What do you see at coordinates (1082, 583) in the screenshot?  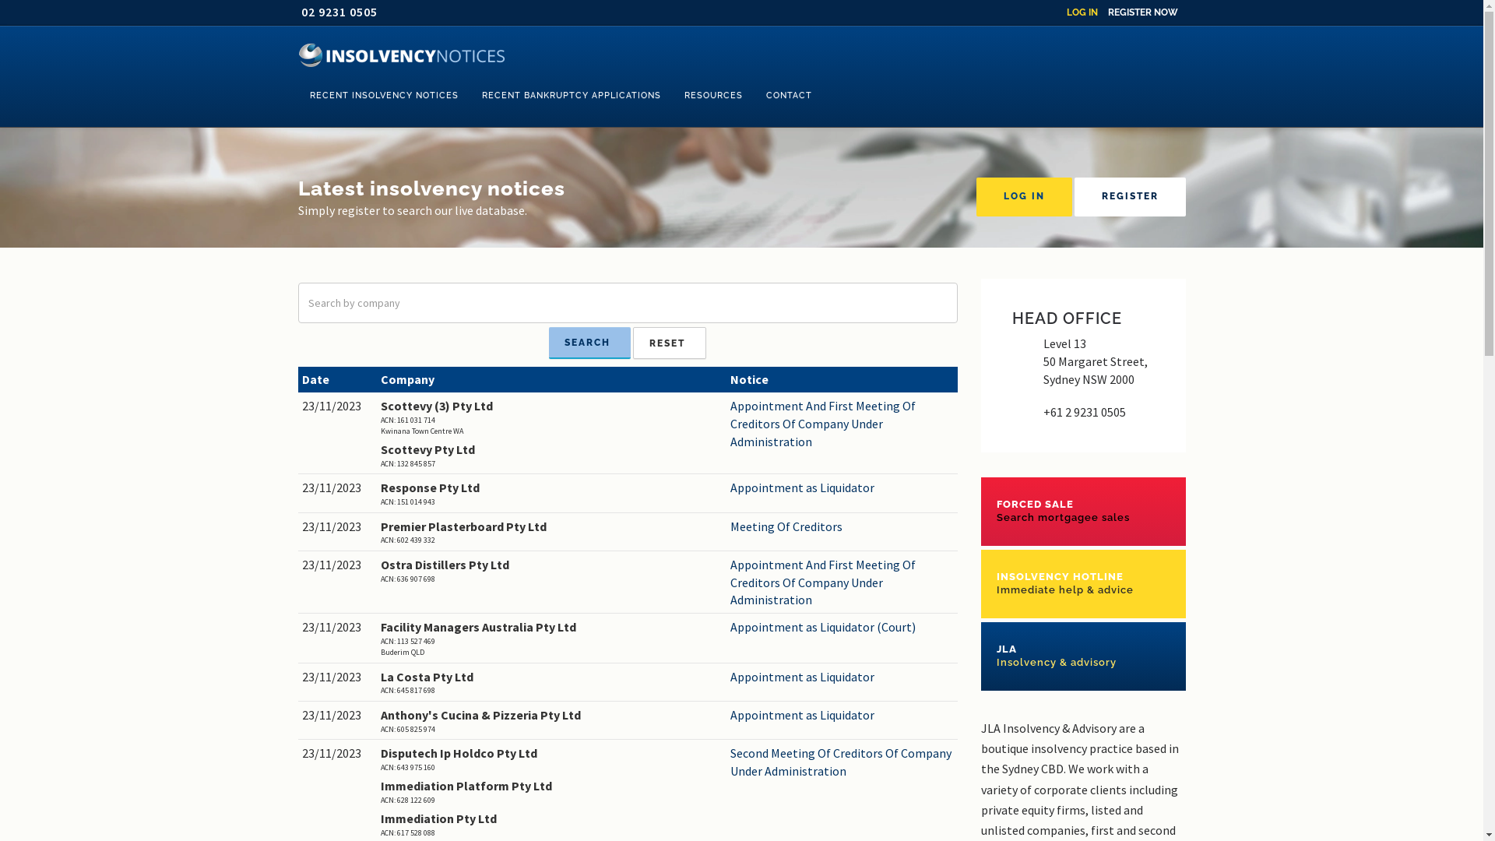 I see `'INSOLVENCY HOTLINE` at bounding box center [1082, 583].